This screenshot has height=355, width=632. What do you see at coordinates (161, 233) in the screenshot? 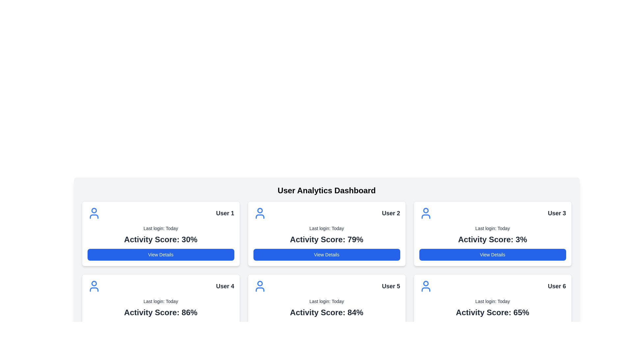
I see `the first user information card component in the top left corner of the grid to trigger visual effects` at bounding box center [161, 233].